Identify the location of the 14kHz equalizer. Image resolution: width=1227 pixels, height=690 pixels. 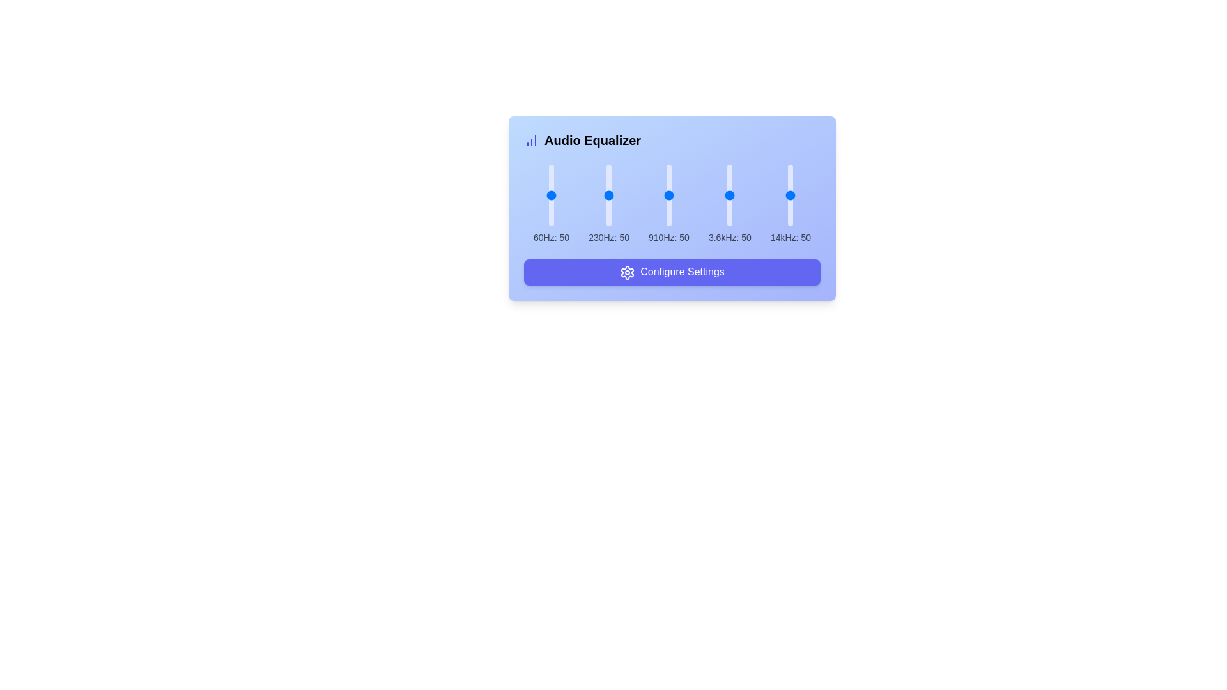
(790, 208).